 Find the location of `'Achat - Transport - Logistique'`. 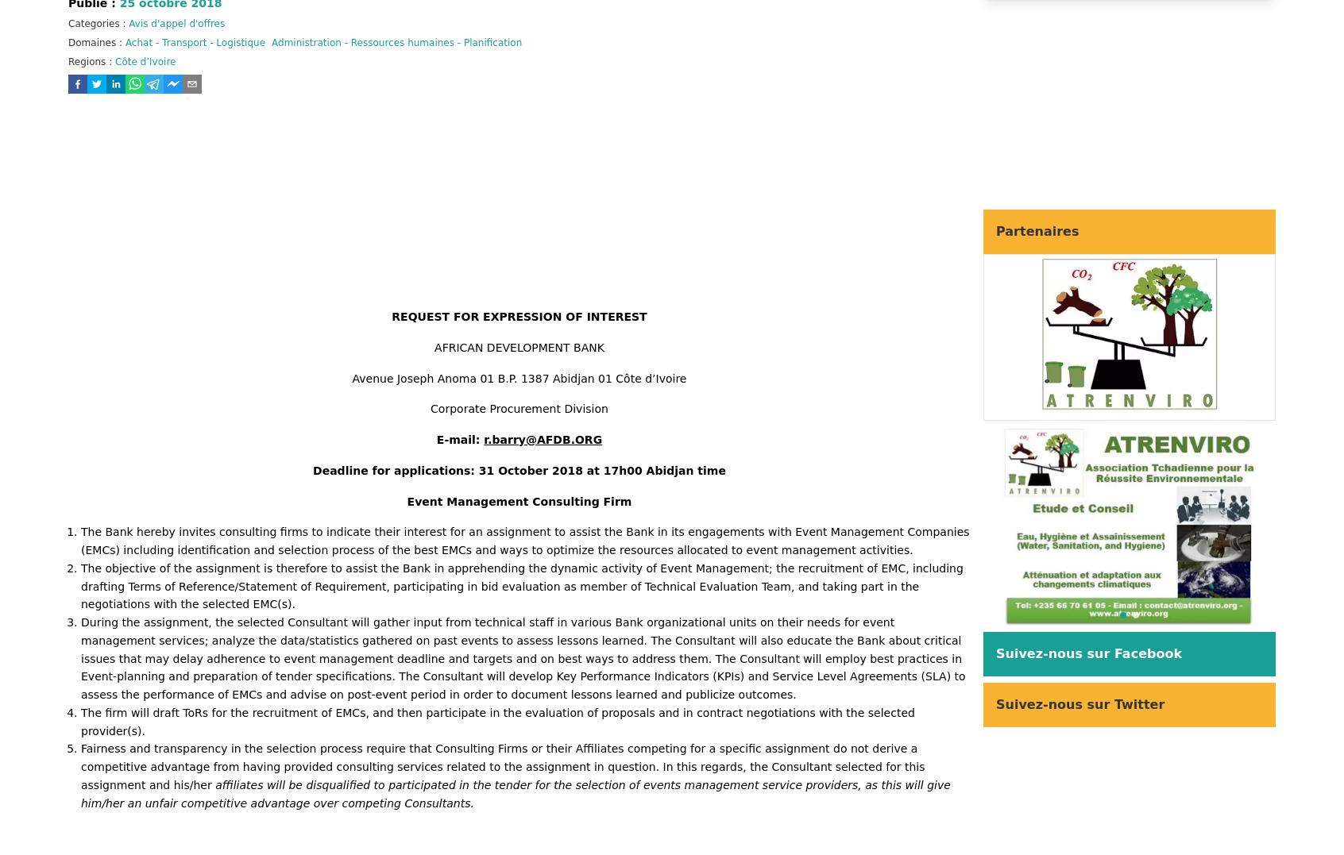

'Achat - Transport - Logistique' is located at coordinates (195, 42).